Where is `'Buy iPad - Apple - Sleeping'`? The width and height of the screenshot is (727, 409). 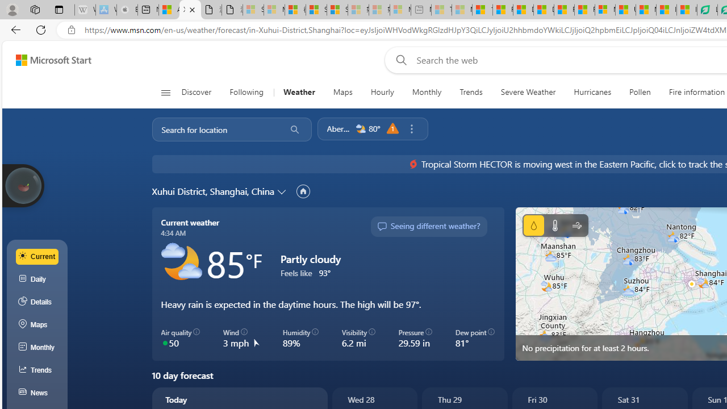
'Buy iPad - Apple - Sleeping' is located at coordinates (127, 10).